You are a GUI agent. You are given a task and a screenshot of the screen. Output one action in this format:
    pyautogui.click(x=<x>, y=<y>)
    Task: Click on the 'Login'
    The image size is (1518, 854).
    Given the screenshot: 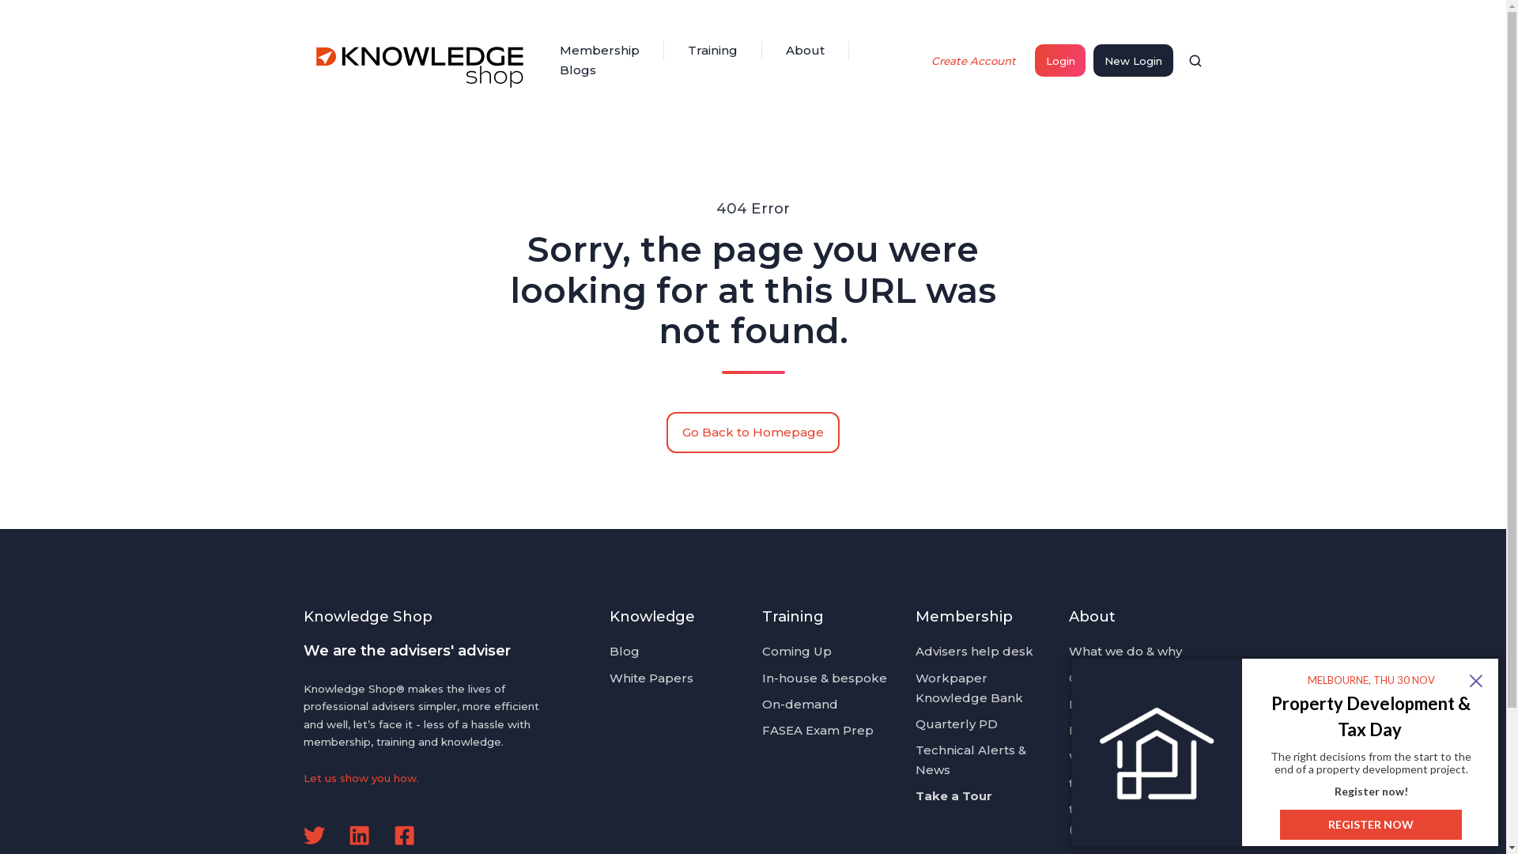 What is the action you would take?
    pyautogui.click(x=1059, y=59)
    